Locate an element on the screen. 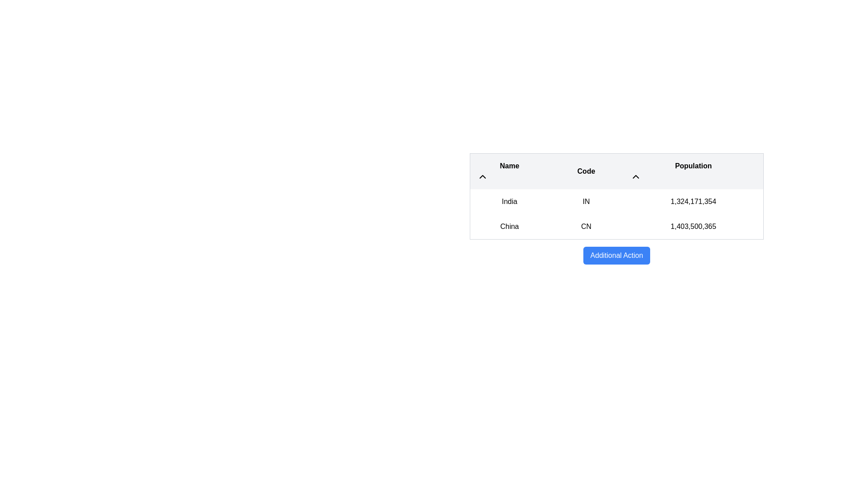 This screenshot has width=855, height=481. displayed text from the static text label 'Code' located in the second column header of the table, which is bold and centered within a light gray rectangular cell is located at coordinates (586, 171).